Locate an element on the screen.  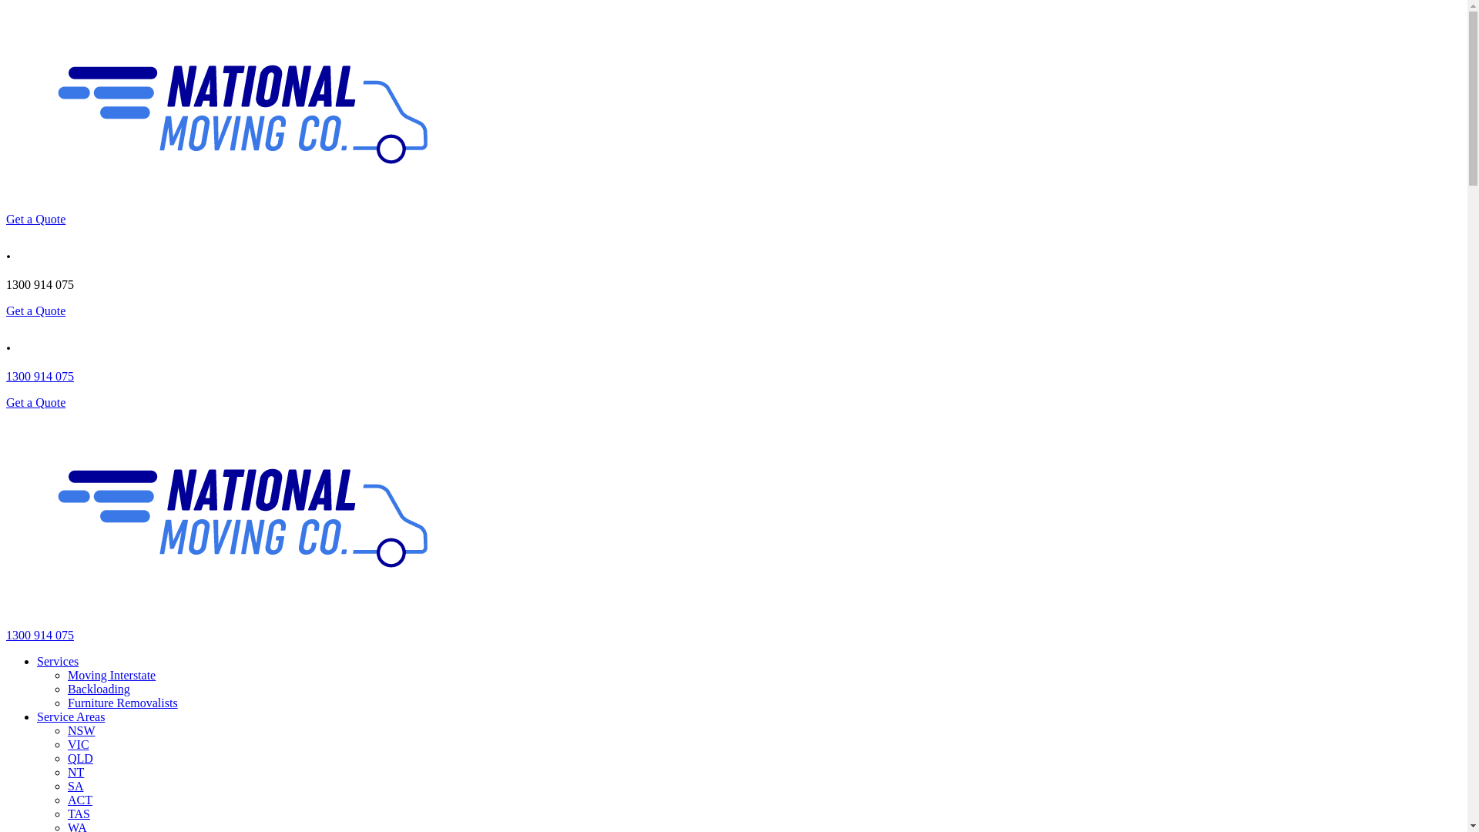
'VIC' is located at coordinates (66, 743).